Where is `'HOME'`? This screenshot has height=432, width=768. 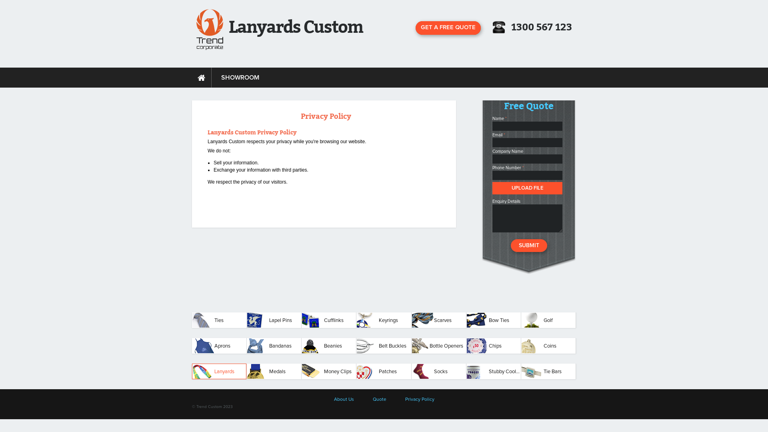
'HOME' is located at coordinates (202, 77).